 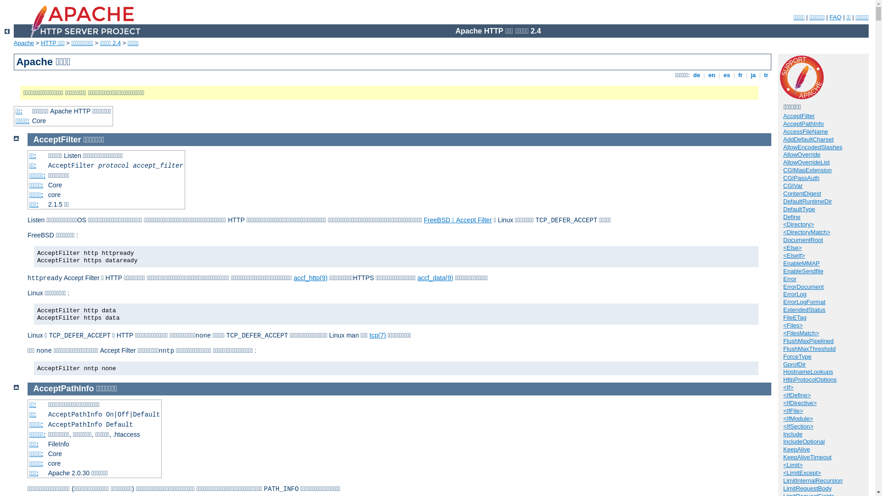 I want to click on 'CGIVar', so click(x=792, y=186).